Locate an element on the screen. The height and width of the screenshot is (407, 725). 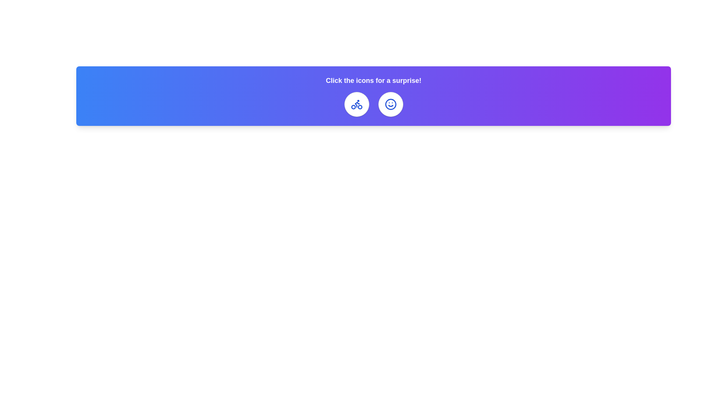
the bicycle icon button located in the blue-to-purple gradient bar is located at coordinates (356, 104).